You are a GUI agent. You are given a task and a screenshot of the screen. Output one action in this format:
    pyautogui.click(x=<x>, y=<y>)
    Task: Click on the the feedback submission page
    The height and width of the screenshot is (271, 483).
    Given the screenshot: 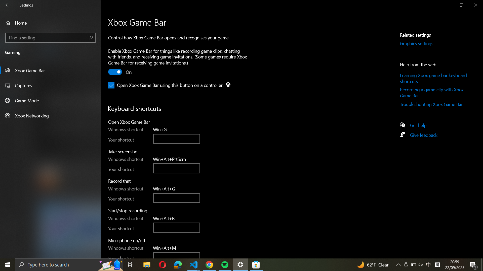 What is the action you would take?
    pyautogui.click(x=421, y=136)
    